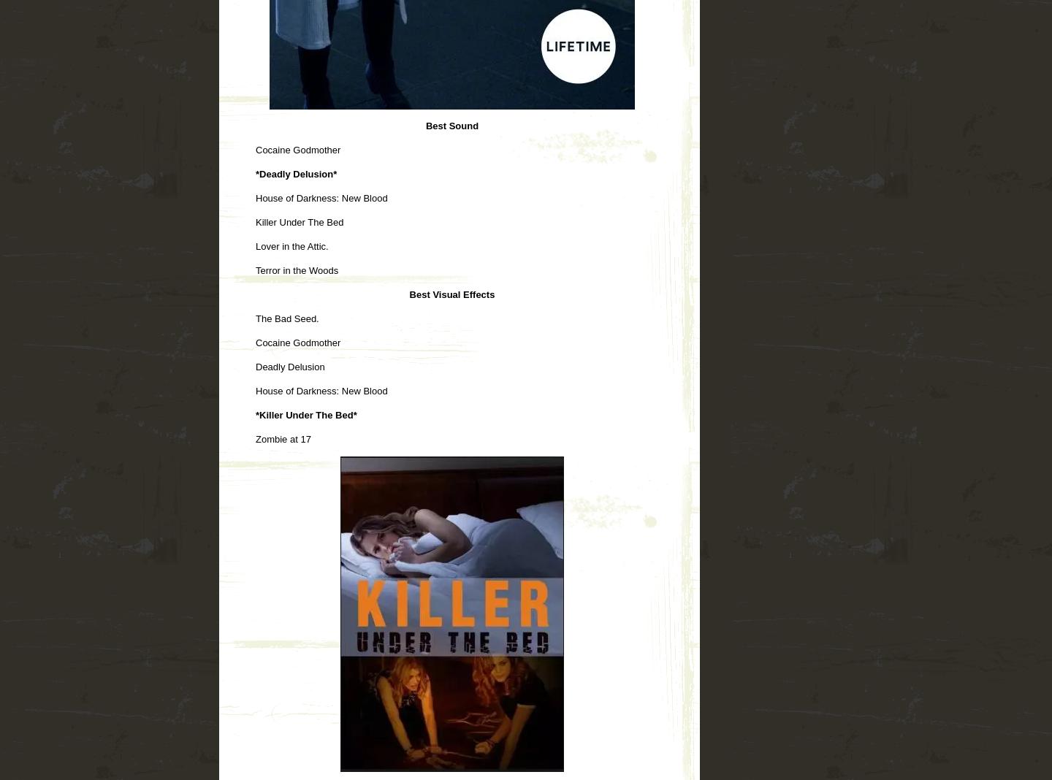 The width and height of the screenshot is (1052, 780). What do you see at coordinates (282, 437) in the screenshot?
I see `'Zombie at 17'` at bounding box center [282, 437].